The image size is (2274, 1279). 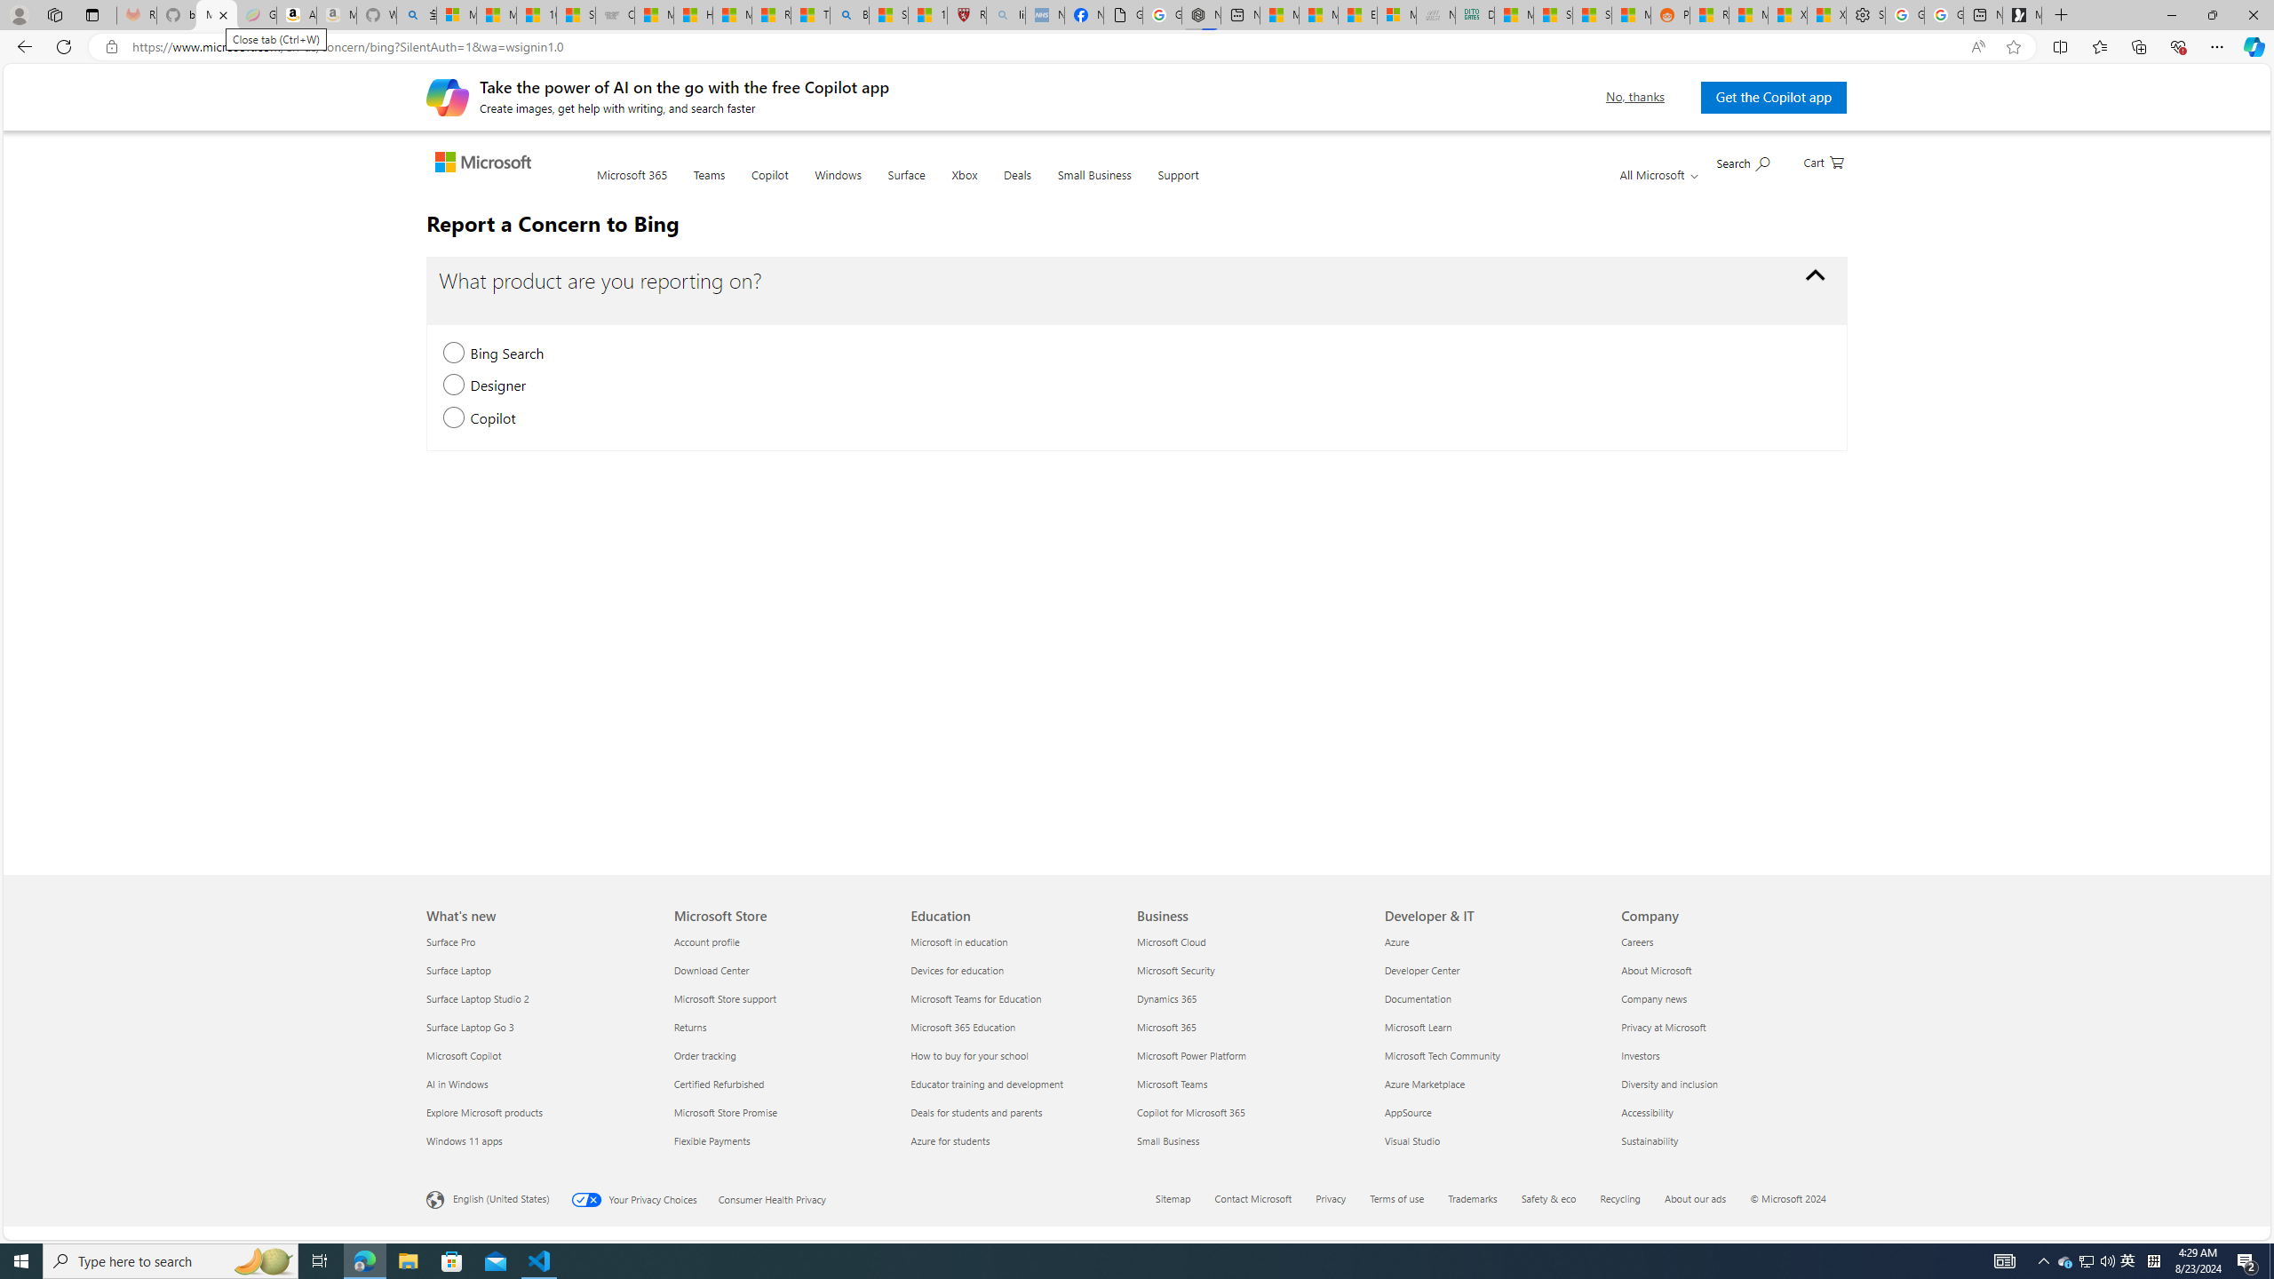 What do you see at coordinates (1483, 1200) in the screenshot?
I see `'Trademarks'` at bounding box center [1483, 1200].